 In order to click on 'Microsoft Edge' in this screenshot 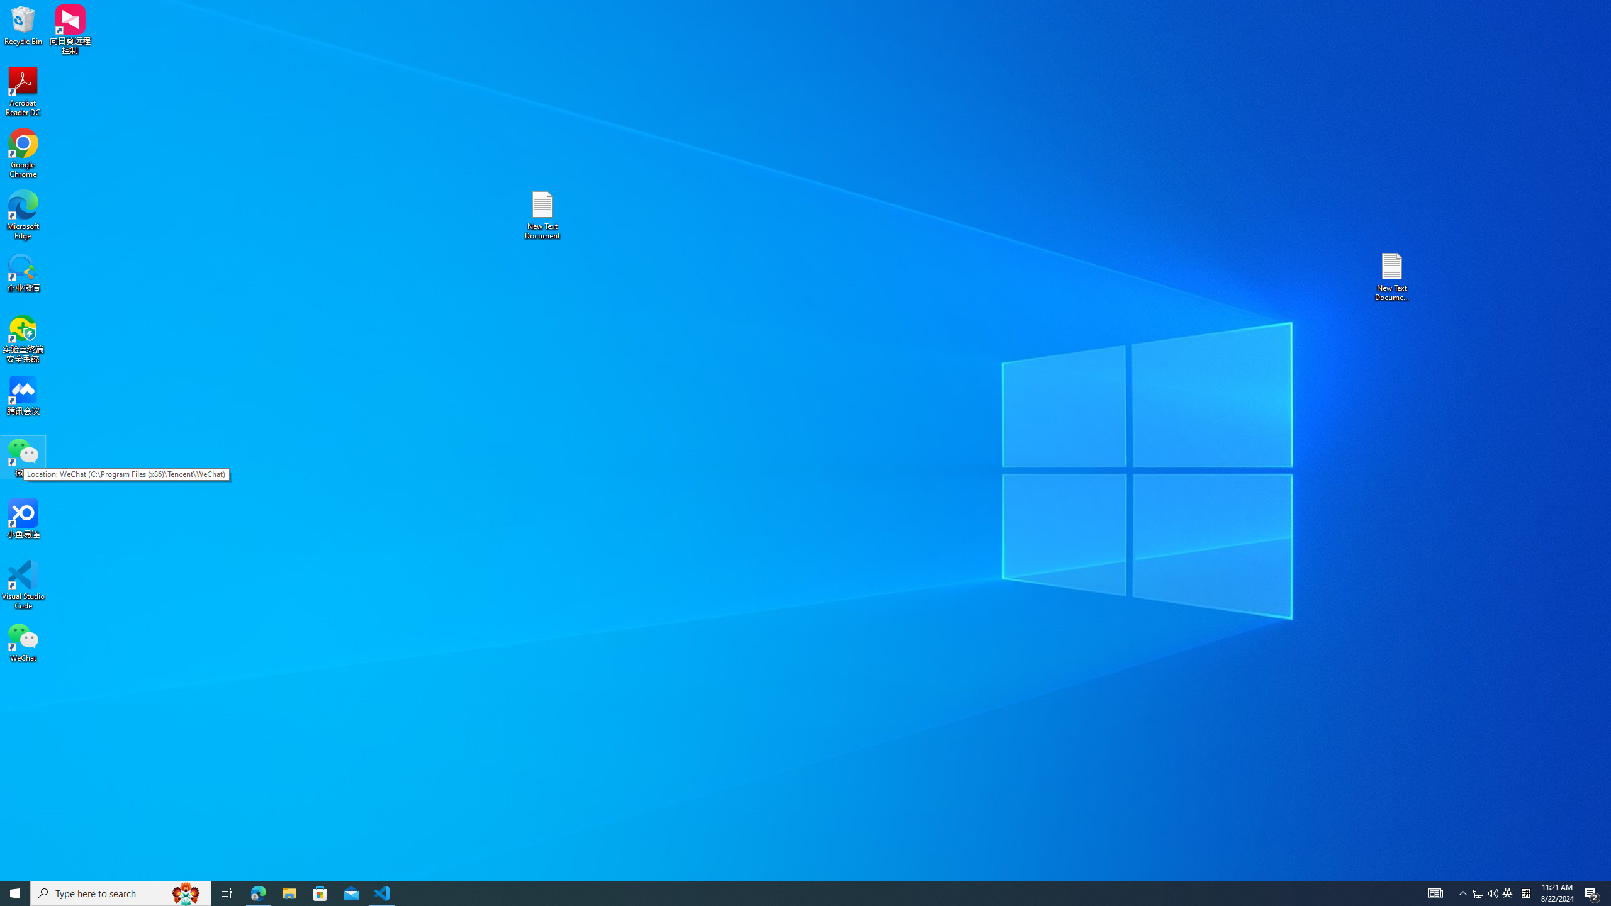, I will do `click(23, 215)`.